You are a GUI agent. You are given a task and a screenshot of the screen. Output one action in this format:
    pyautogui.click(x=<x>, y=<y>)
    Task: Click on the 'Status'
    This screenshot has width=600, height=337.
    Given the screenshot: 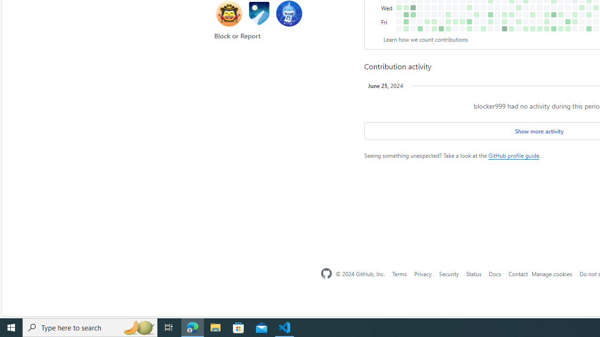 What is the action you would take?
    pyautogui.click(x=473, y=273)
    